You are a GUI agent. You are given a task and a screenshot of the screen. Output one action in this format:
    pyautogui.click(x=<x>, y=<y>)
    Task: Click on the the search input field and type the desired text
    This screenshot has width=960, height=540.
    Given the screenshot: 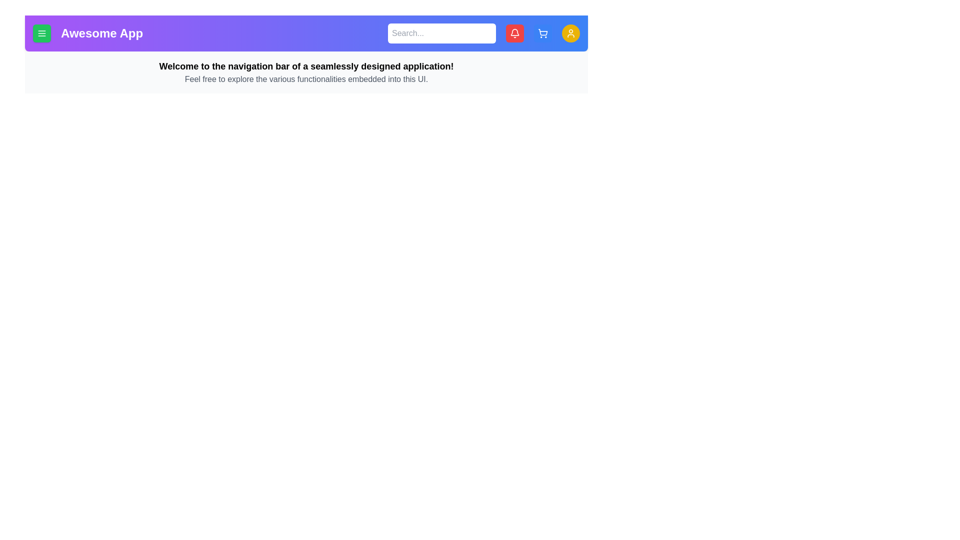 What is the action you would take?
    pyautogui.click(x=441, y=32)
    